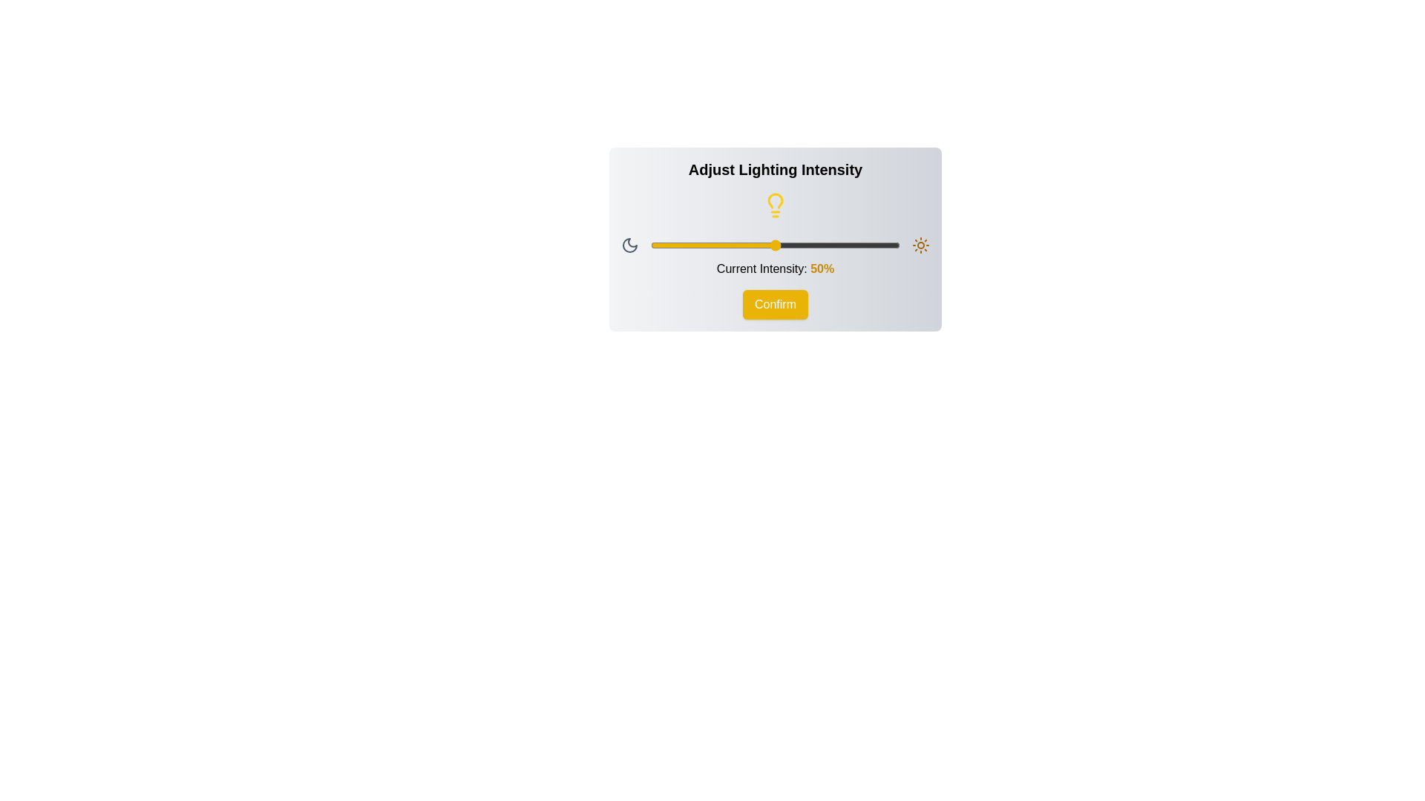 Image resolution: width=1425 pixels, height=801 pixels. Describe the element at coordinates (630, 245) in the screenshot. I see `the Moon icon to interact with it` at that location.